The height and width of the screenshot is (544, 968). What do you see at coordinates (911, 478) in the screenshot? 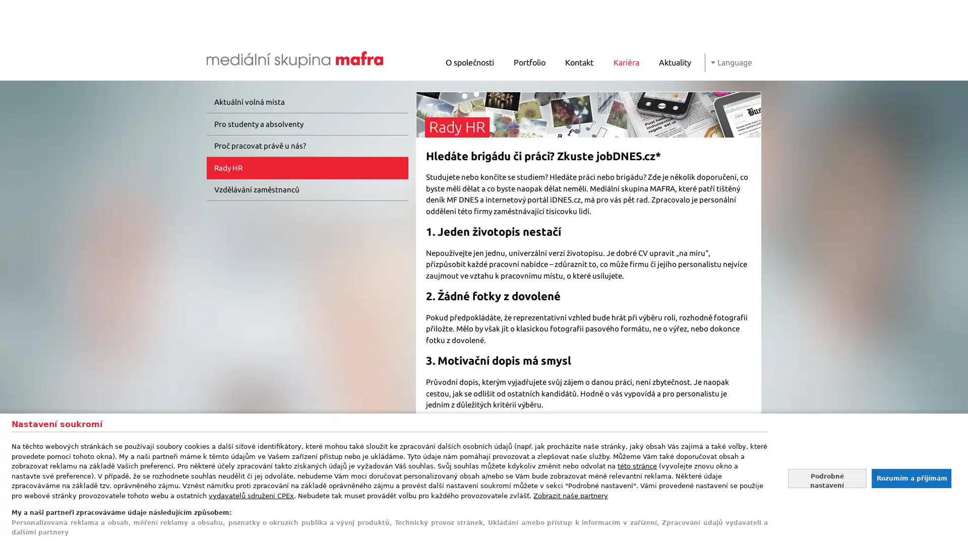
I see `Souhlasit s nasim zpracovanim udaju a zavrit` at bounding box center [911, 478].